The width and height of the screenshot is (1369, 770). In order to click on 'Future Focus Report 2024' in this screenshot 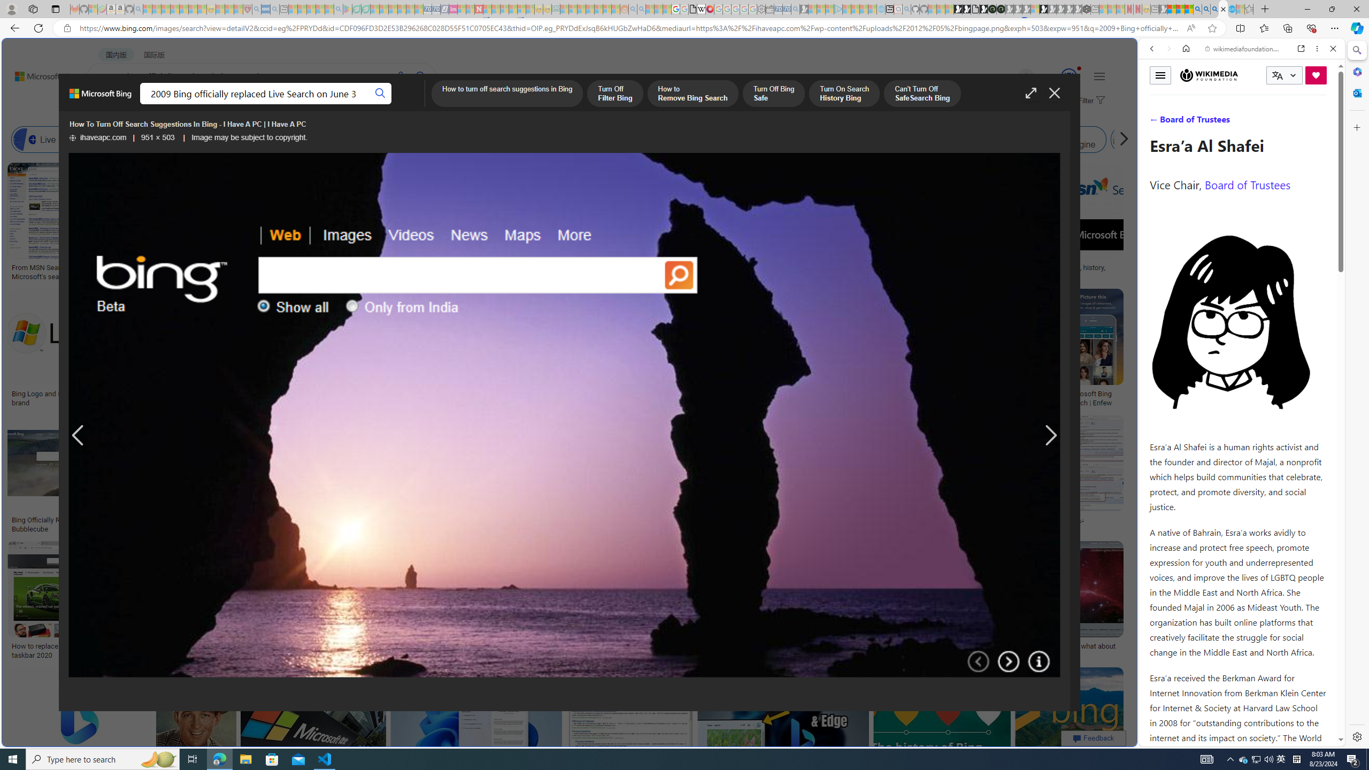, I will do `click(1001, 9)`.